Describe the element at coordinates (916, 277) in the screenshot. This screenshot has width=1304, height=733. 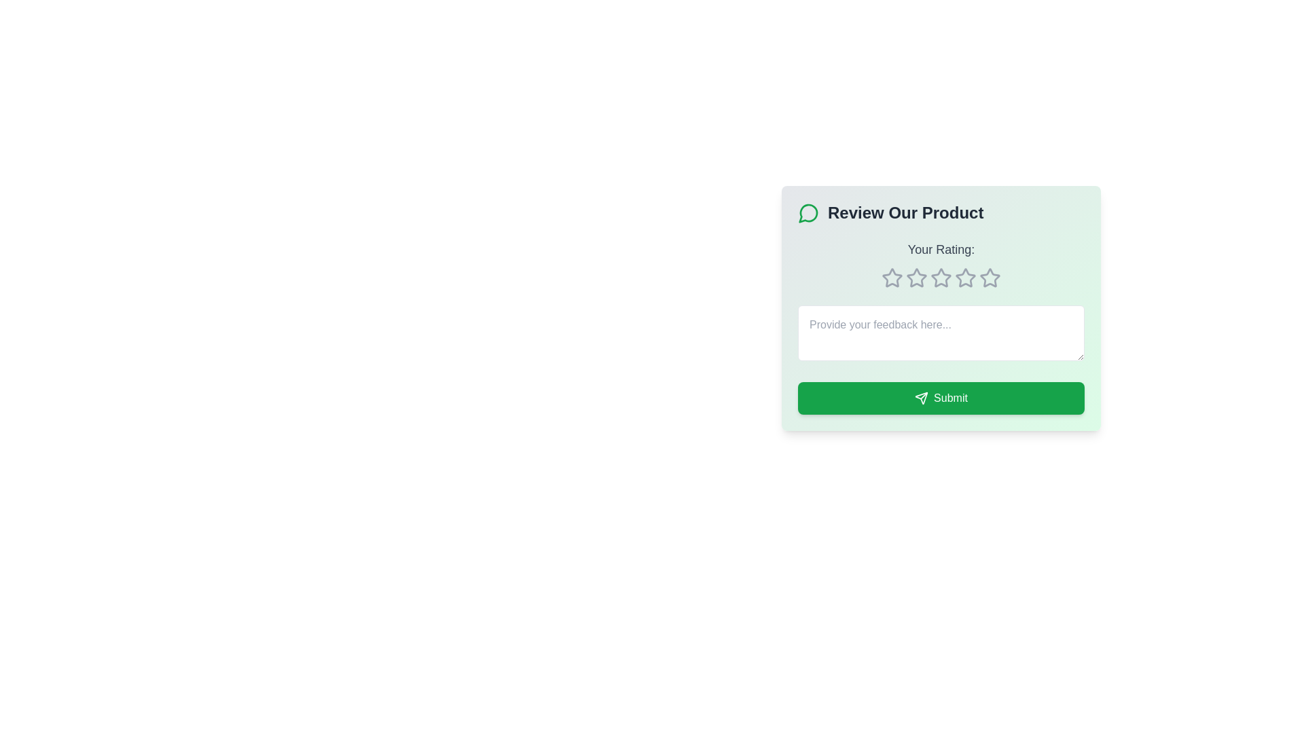
I see `the third star icon in the rating system below the 'Your Rating' text` at that location.